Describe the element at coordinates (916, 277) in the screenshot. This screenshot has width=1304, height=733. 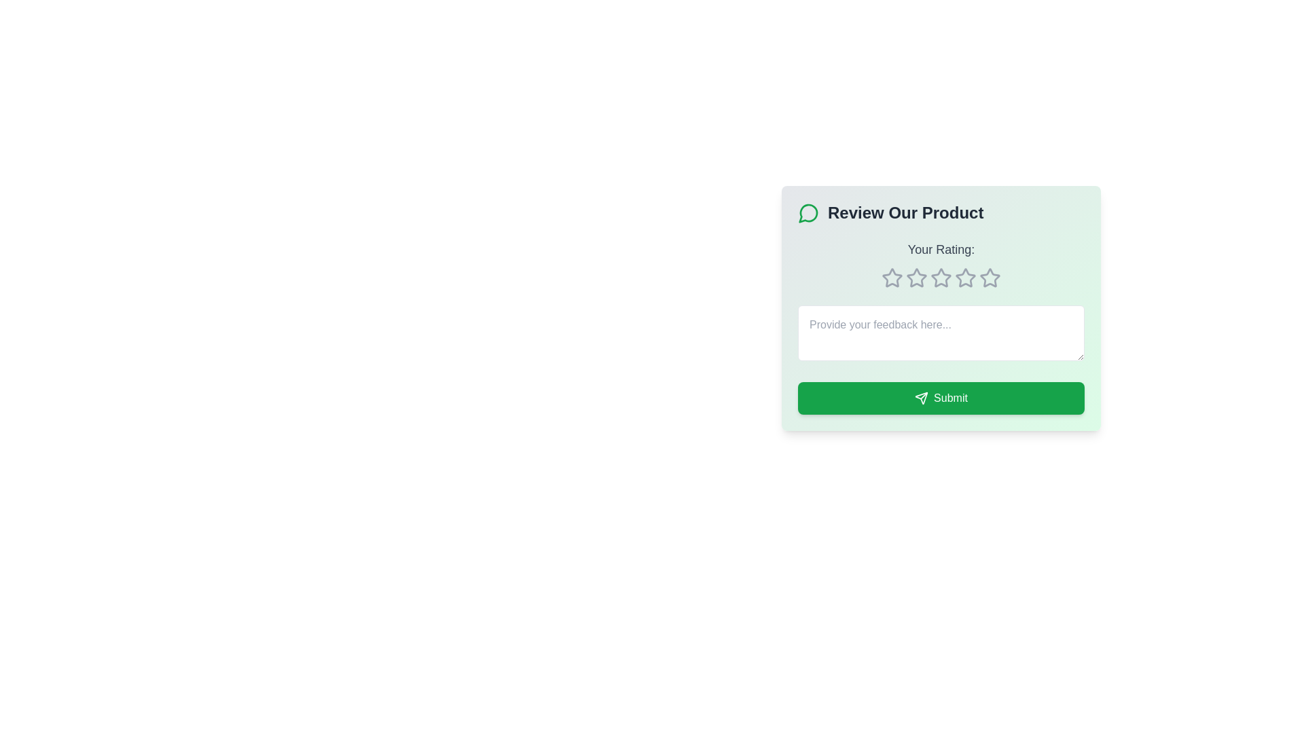
I see `the third star icon in the rating system below the 'Your Rating' text` at that location.